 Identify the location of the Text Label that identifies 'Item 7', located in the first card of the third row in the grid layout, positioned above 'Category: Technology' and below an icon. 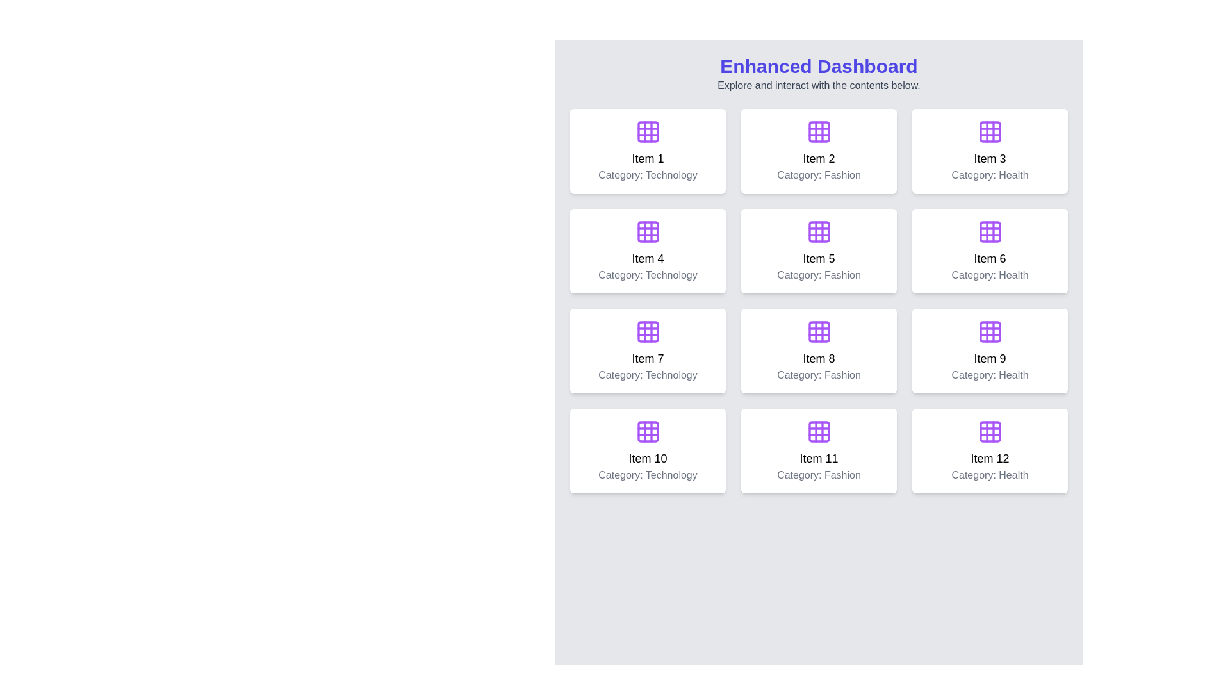
(648, 358).